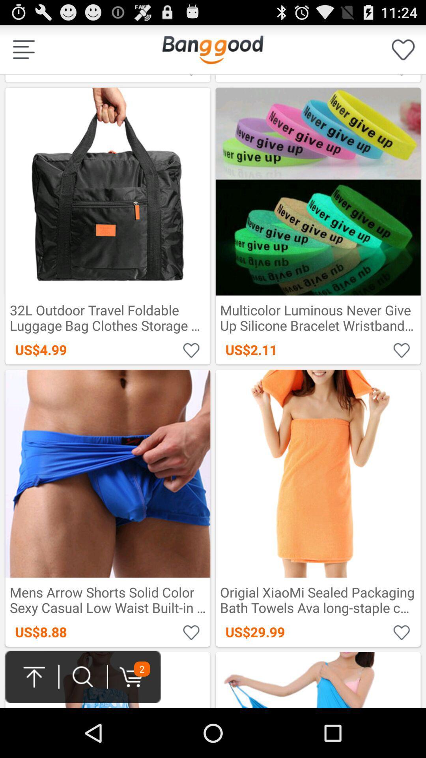 This screenshot has width=426, height=758. I want to click on the item to the right of us$3.09, so click(212, 49).